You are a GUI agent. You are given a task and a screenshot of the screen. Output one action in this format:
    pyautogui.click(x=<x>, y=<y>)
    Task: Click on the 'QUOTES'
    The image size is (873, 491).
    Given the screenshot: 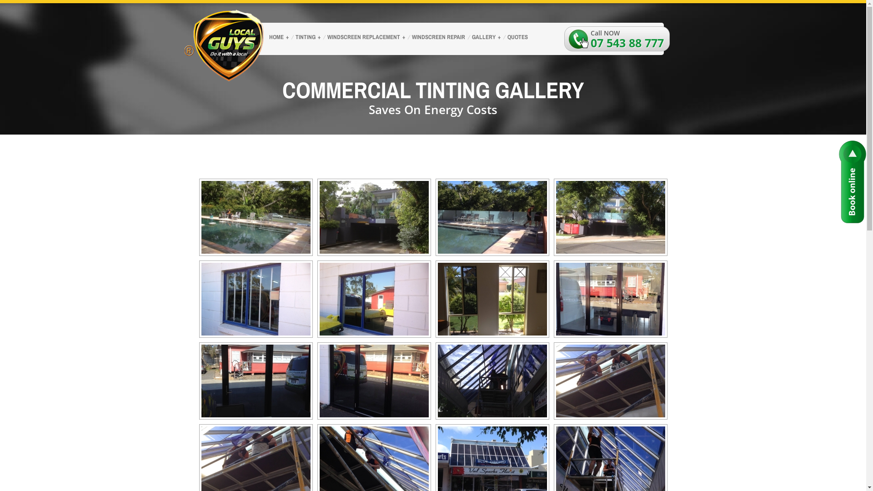 What is the action you would take?
    pyautogui.click(x=517, y=38)
    